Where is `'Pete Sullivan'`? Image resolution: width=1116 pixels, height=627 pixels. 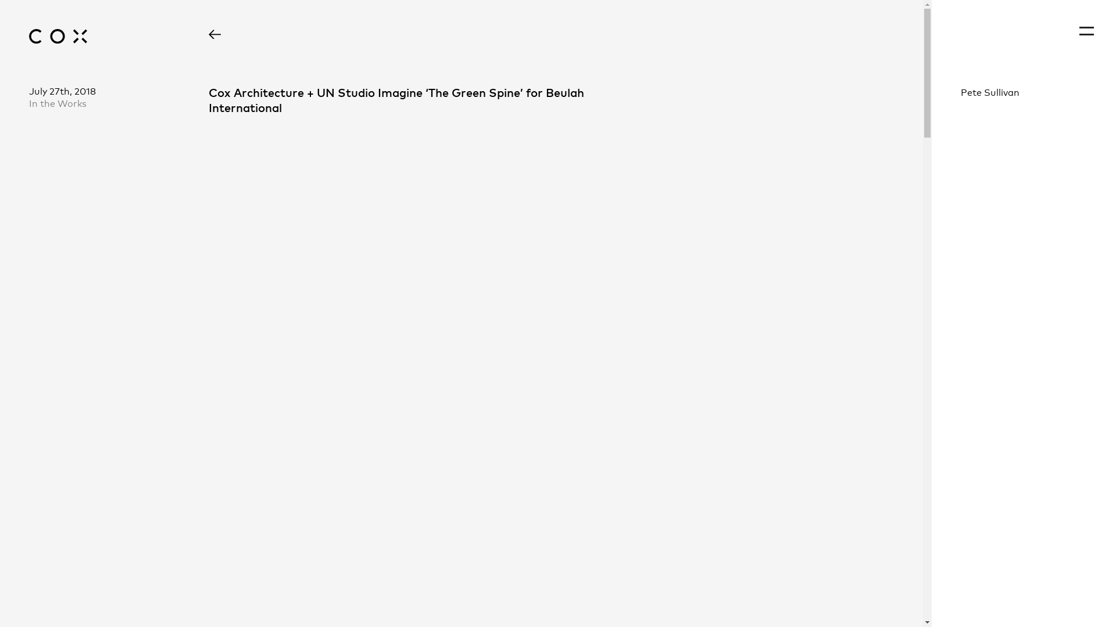 'Pete Sullivan' is located at coordinates (1024, 91).